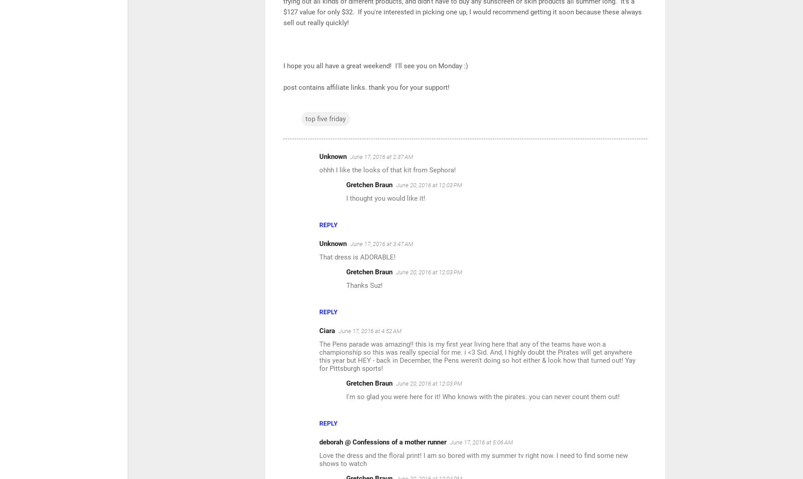 The height and width of the screenshot is (479, 803). What do you see at coordinates (477, 356) in the screenshot?
I see `'The Pens parade was amazing!! this is my first year living here that any of the teams have won a championship so this was really special for me. i <3 Sid. And, I highly doubt the Pirates will get anywhere this year but HEY - back in December, the Pens weren't doing so hot either & look how that turned out! Yay for Pittsburgh sports!'` at bounding box center [477, 356].